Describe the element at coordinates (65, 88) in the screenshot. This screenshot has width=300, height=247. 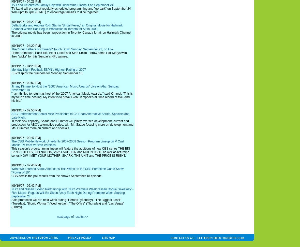
I see `'Jimmy Kimmel to Host the "2007 American Music Awards" Live on Abc, Sunday, November 18'` at that location.